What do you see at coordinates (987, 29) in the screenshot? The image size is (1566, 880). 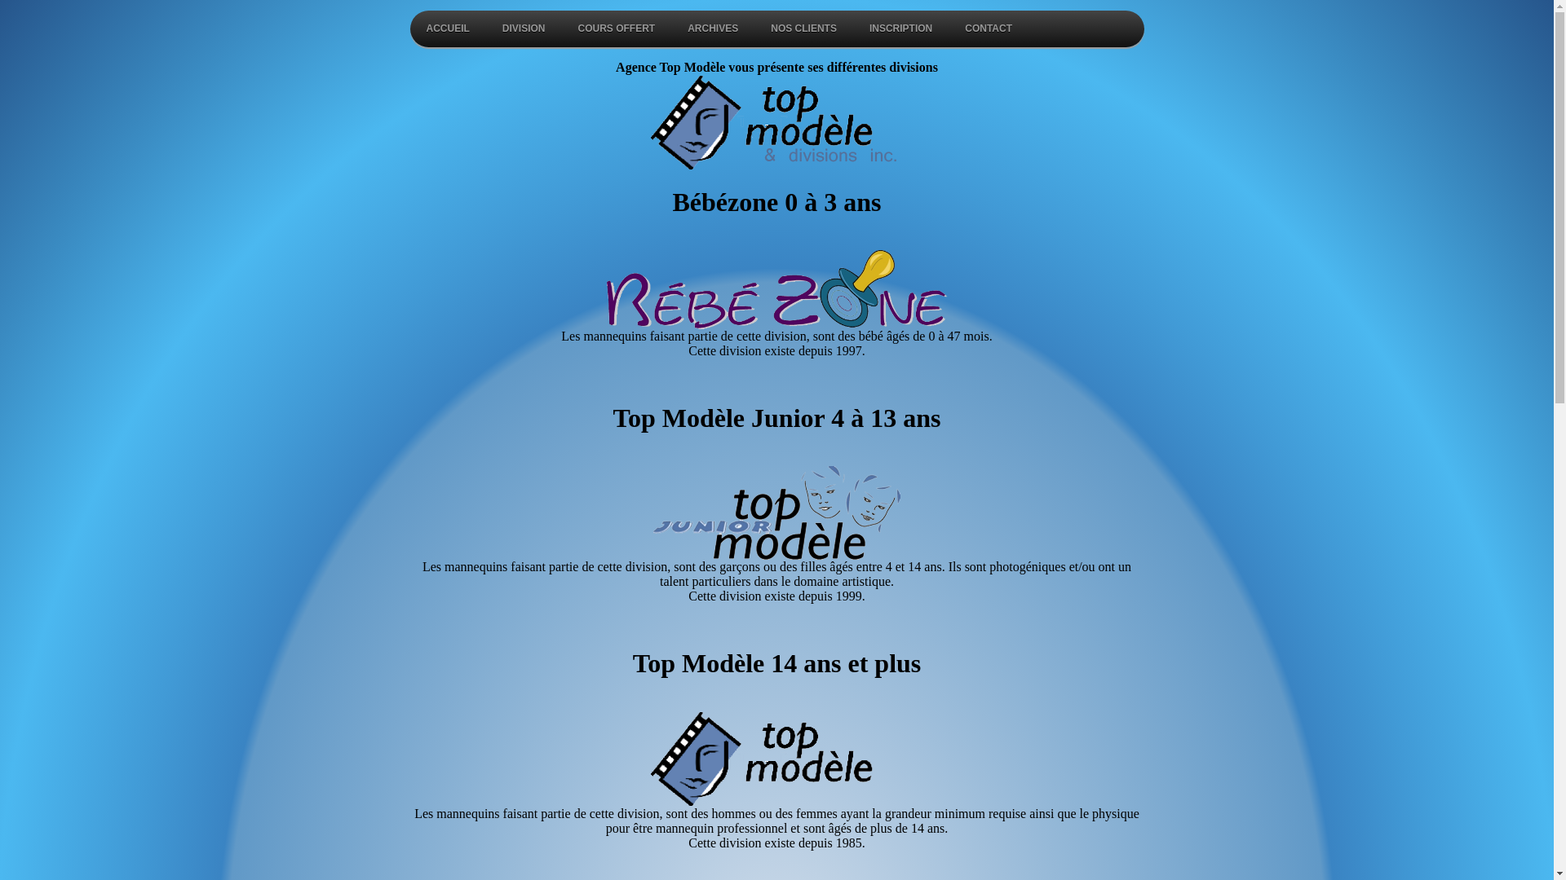 I see `'CONTACT'` at bounding box center [987, 29].